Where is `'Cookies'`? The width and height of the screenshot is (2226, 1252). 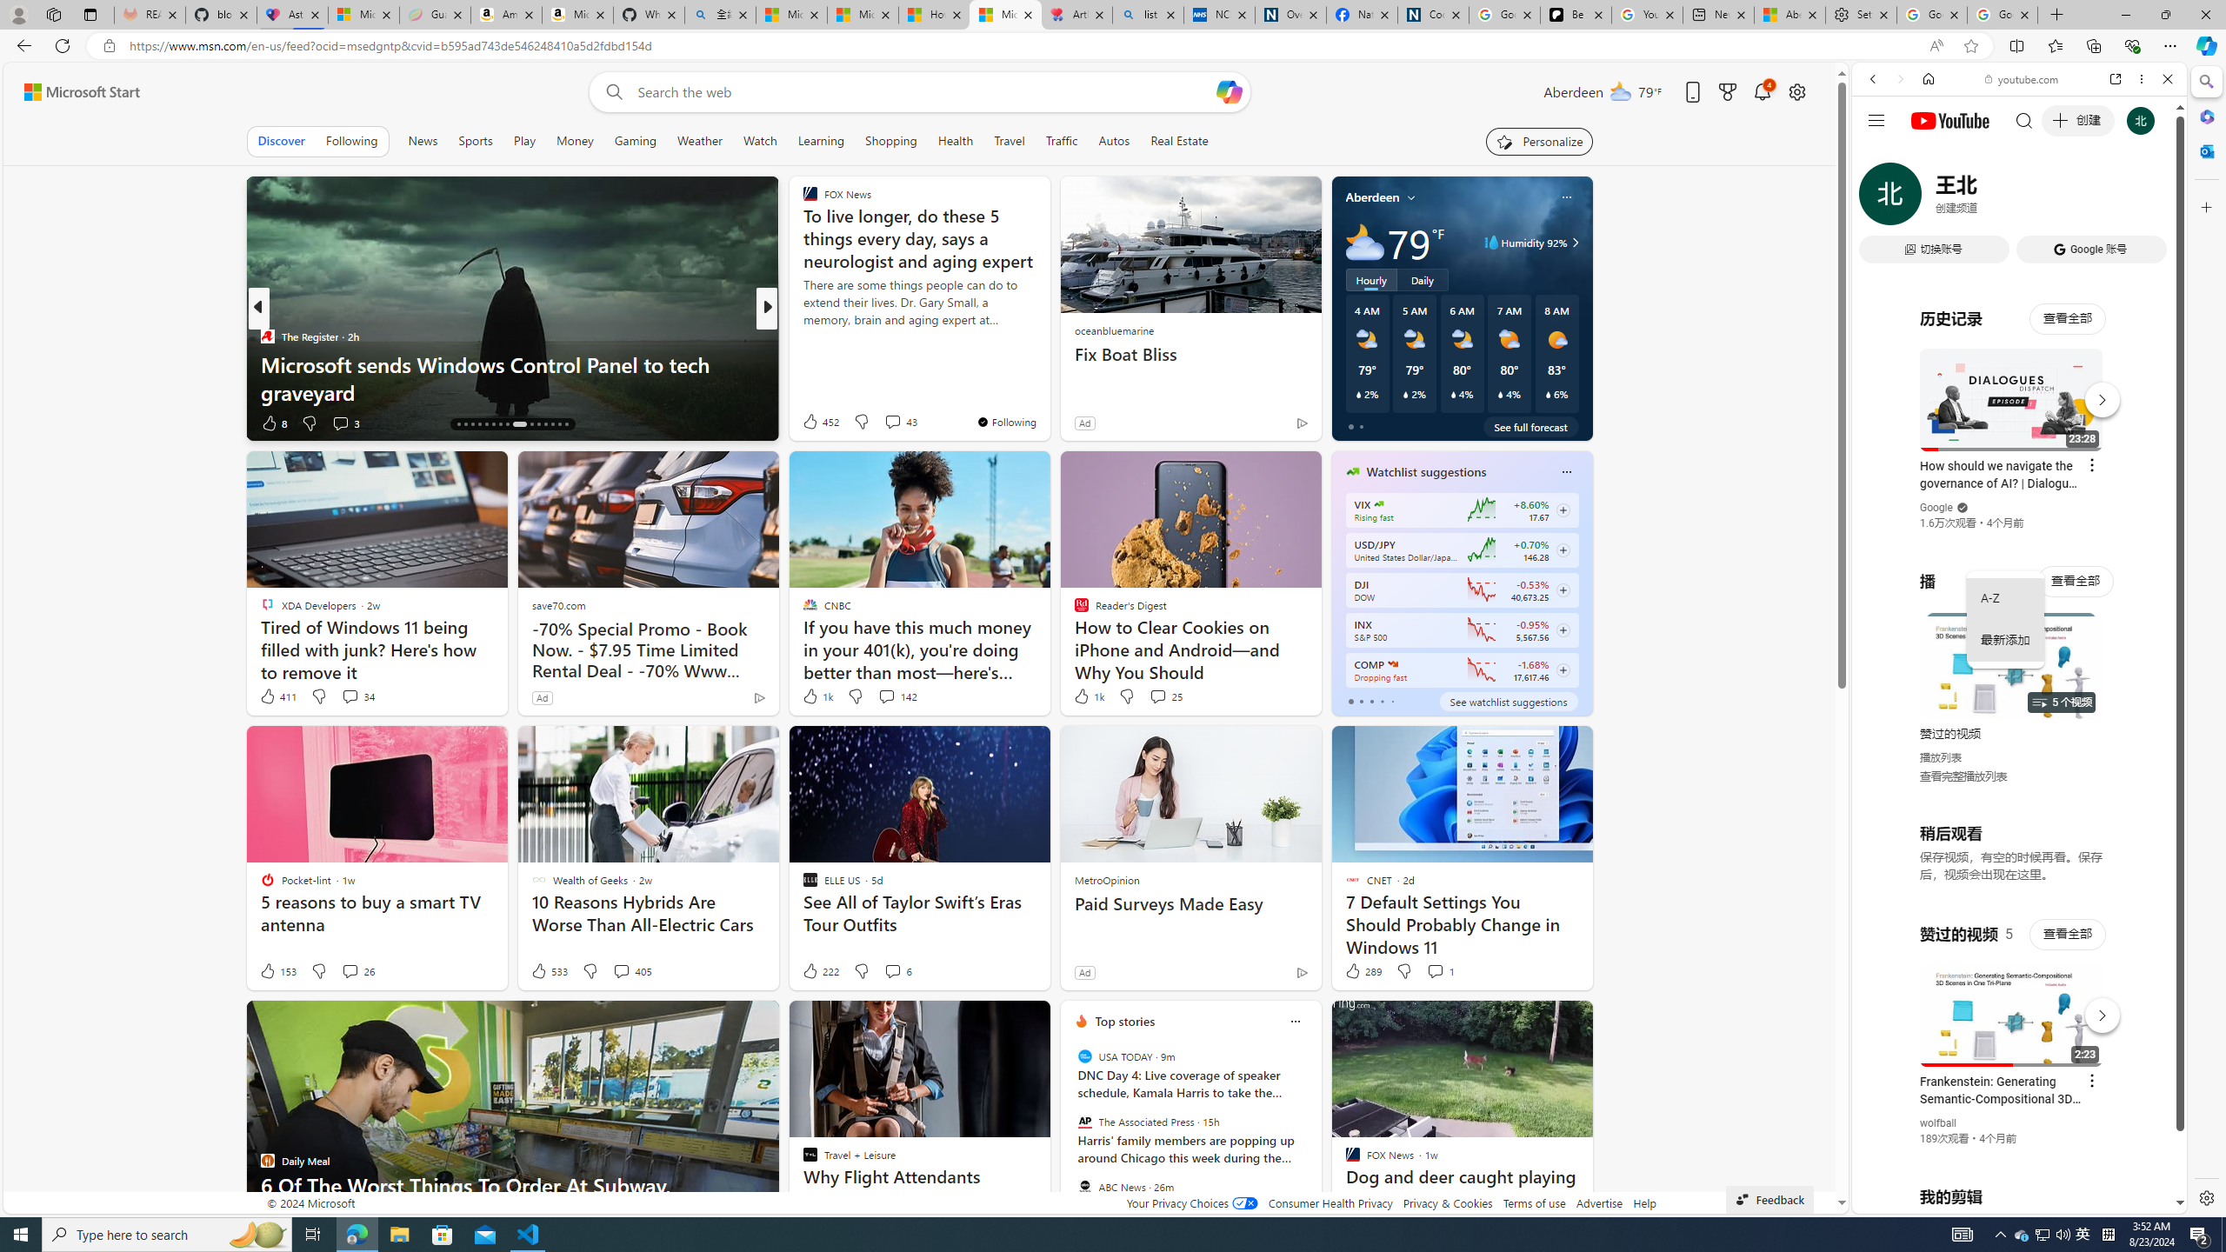
'Cookies' is located at coordinates (1432, 14).